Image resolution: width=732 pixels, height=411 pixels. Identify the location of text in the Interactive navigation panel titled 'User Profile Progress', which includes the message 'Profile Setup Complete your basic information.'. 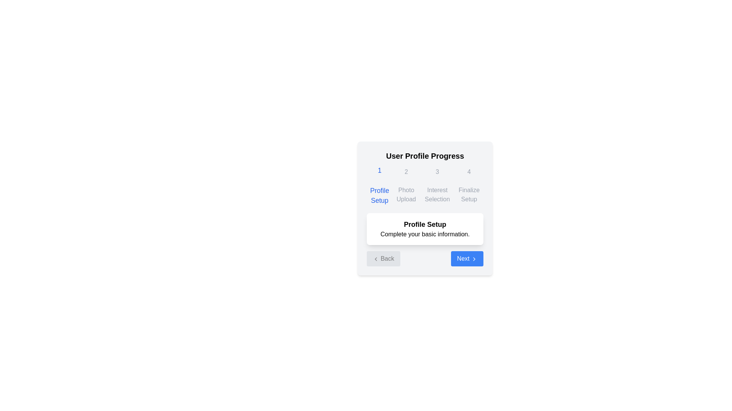
(424, 223).